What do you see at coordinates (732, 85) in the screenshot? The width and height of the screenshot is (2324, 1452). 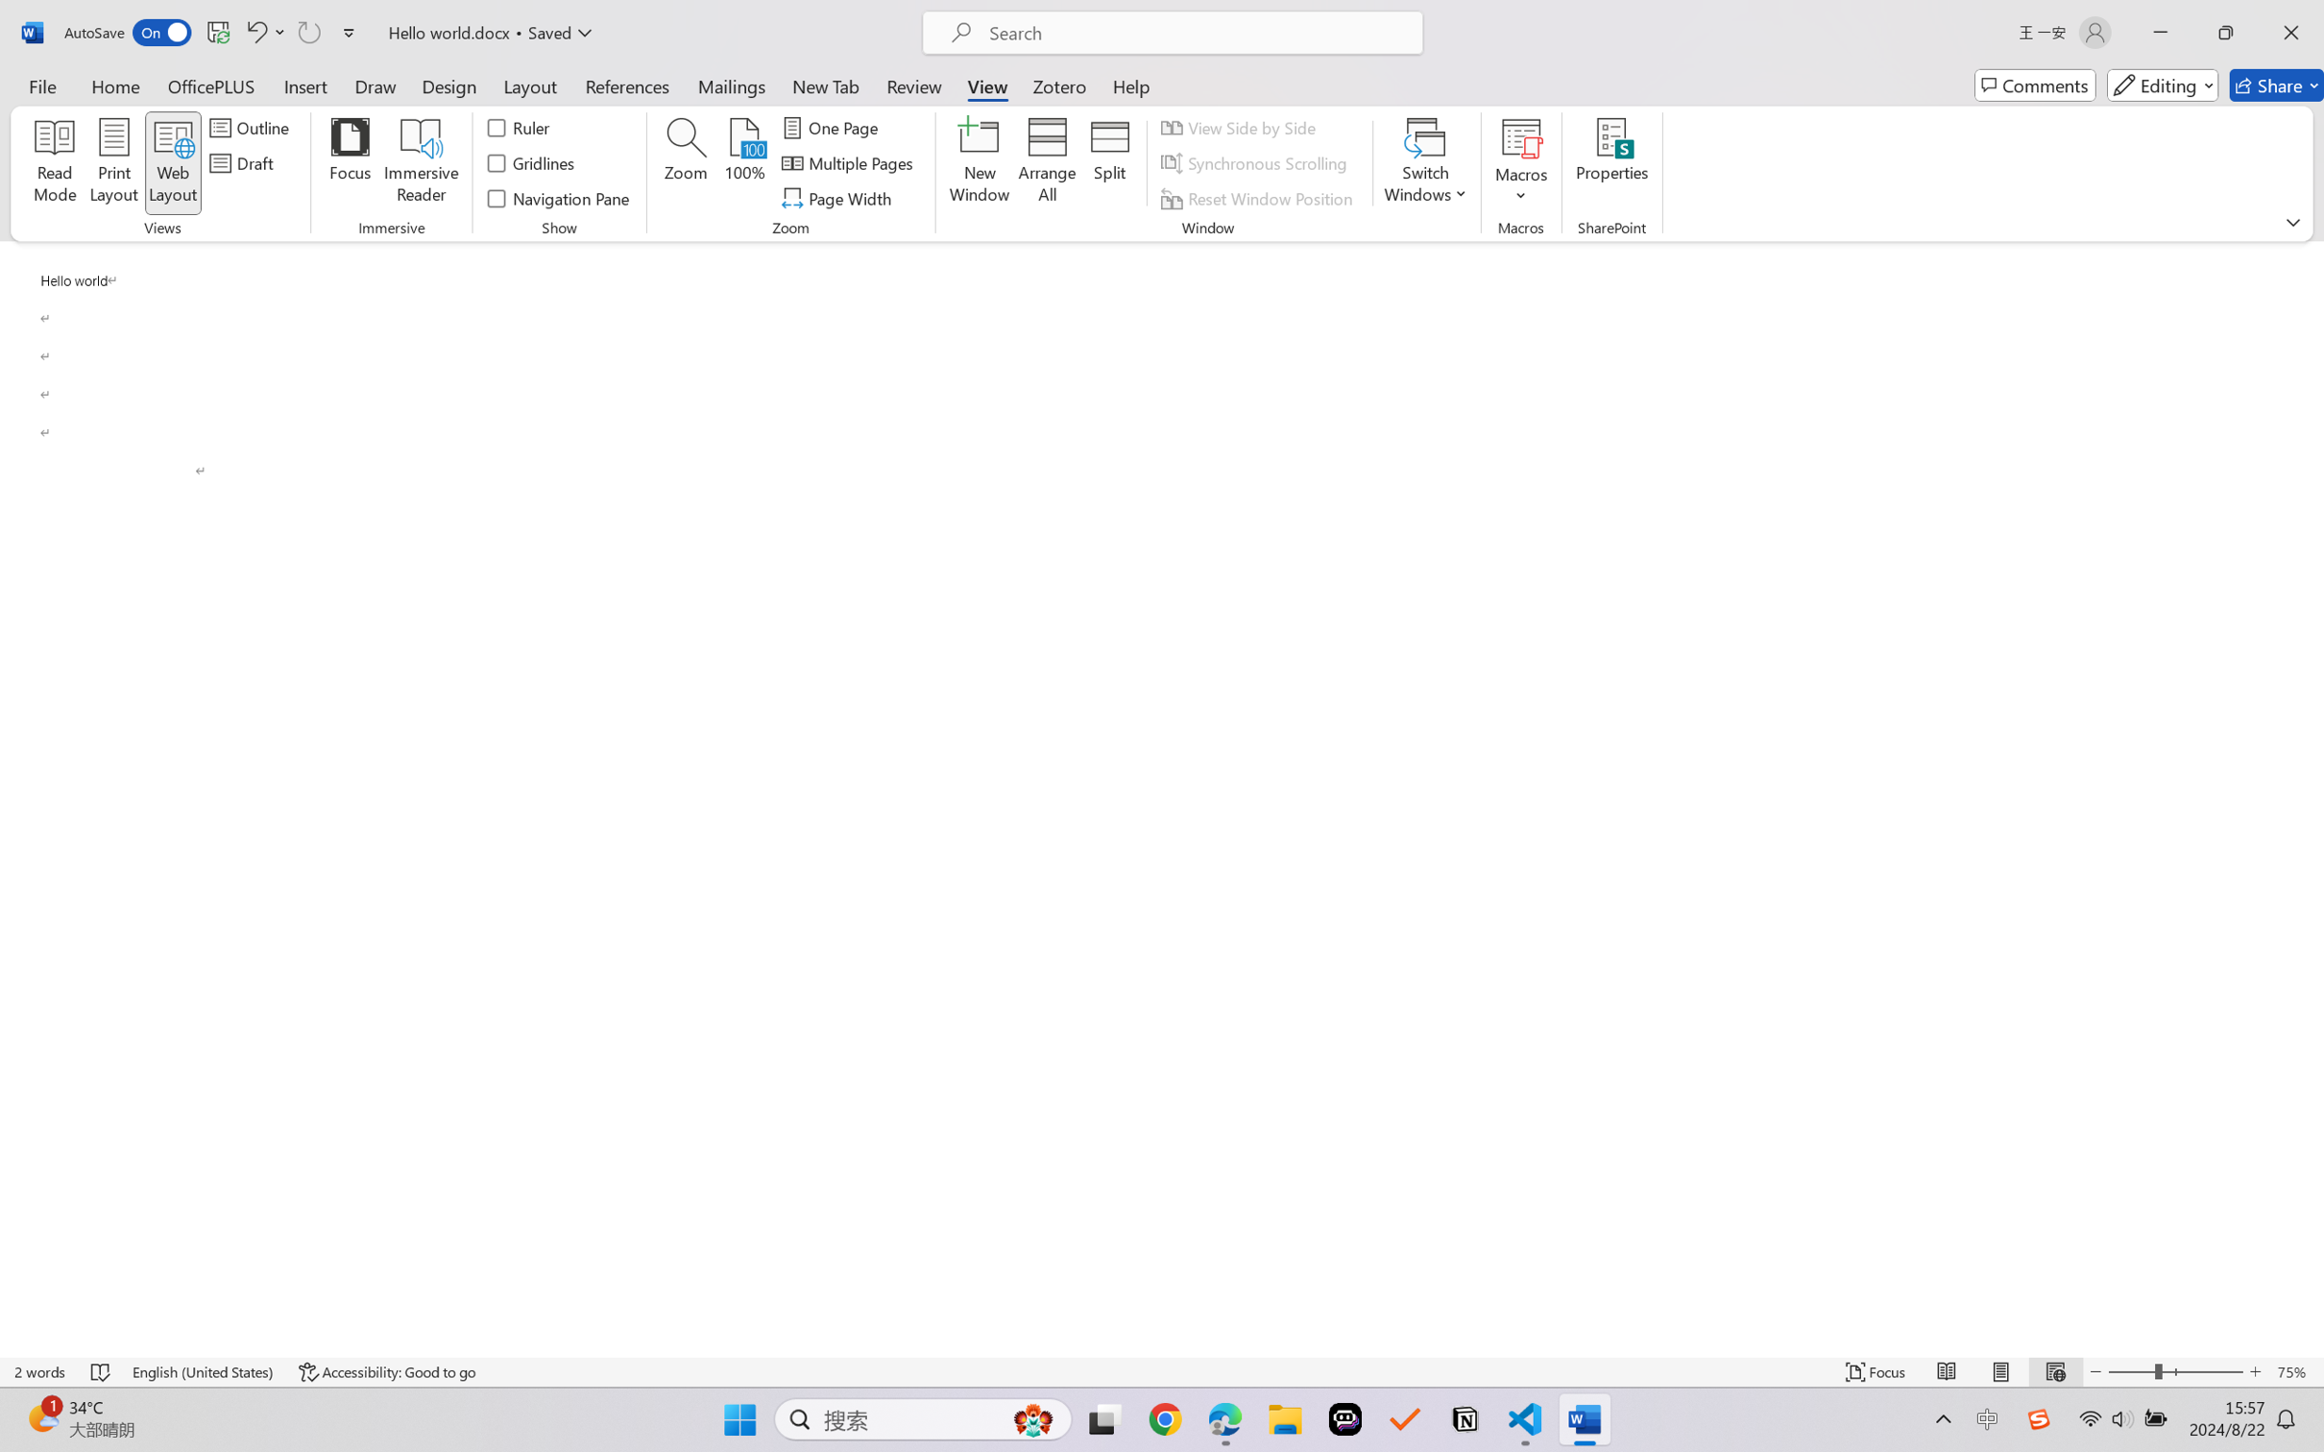 I see `'Mailings'` at bounding box center [732, 85].